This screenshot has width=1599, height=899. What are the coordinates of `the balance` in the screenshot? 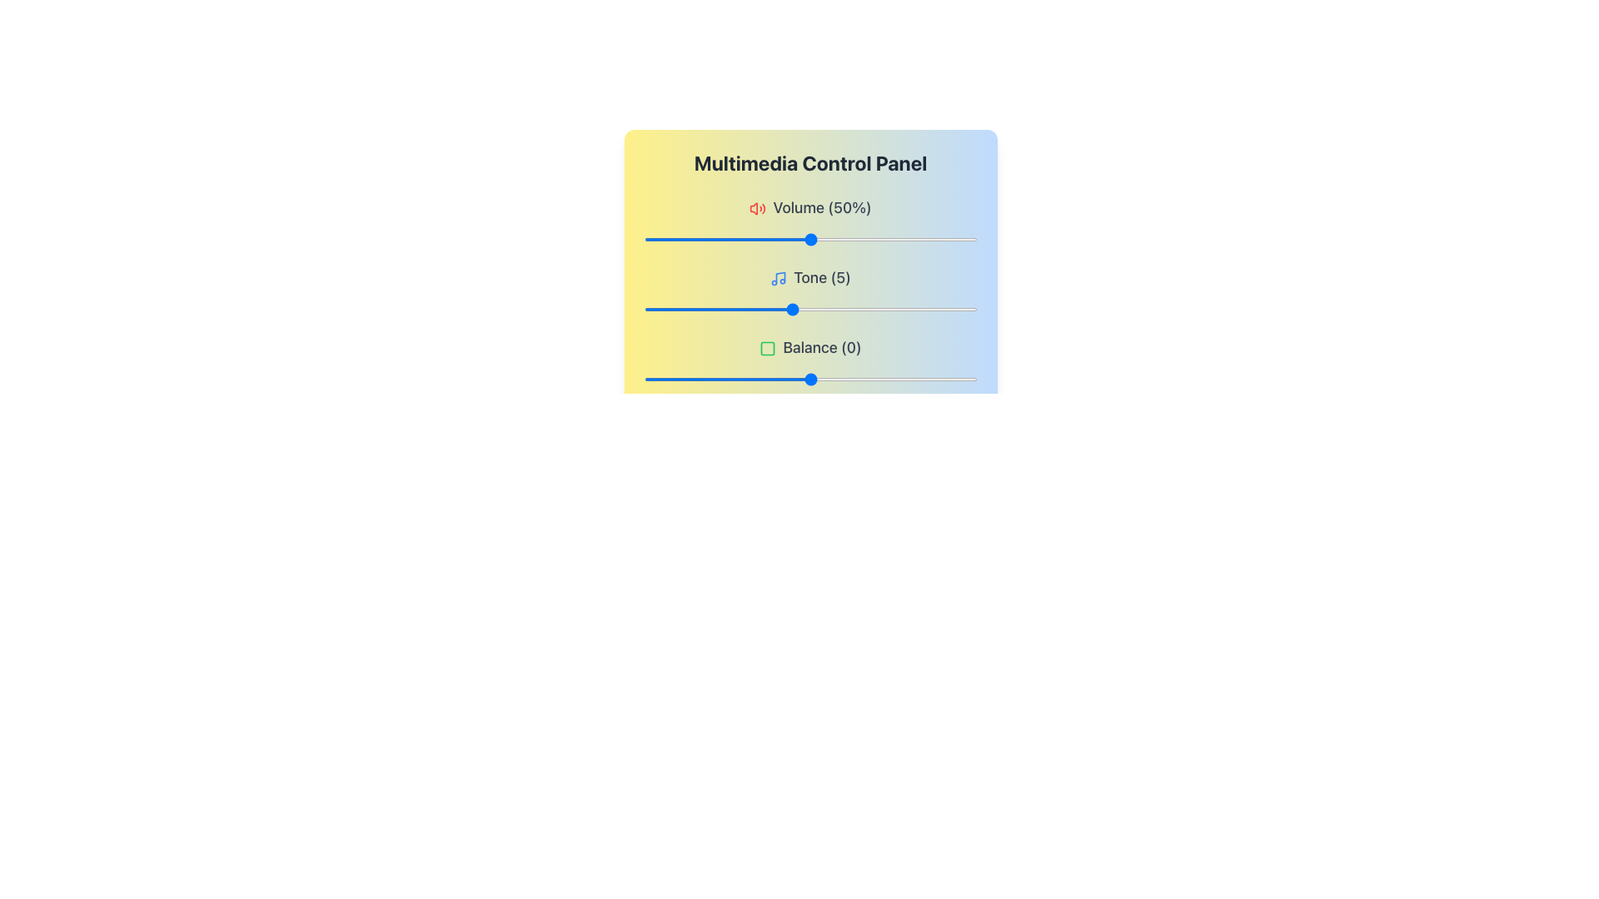 It's located at (766, 379).